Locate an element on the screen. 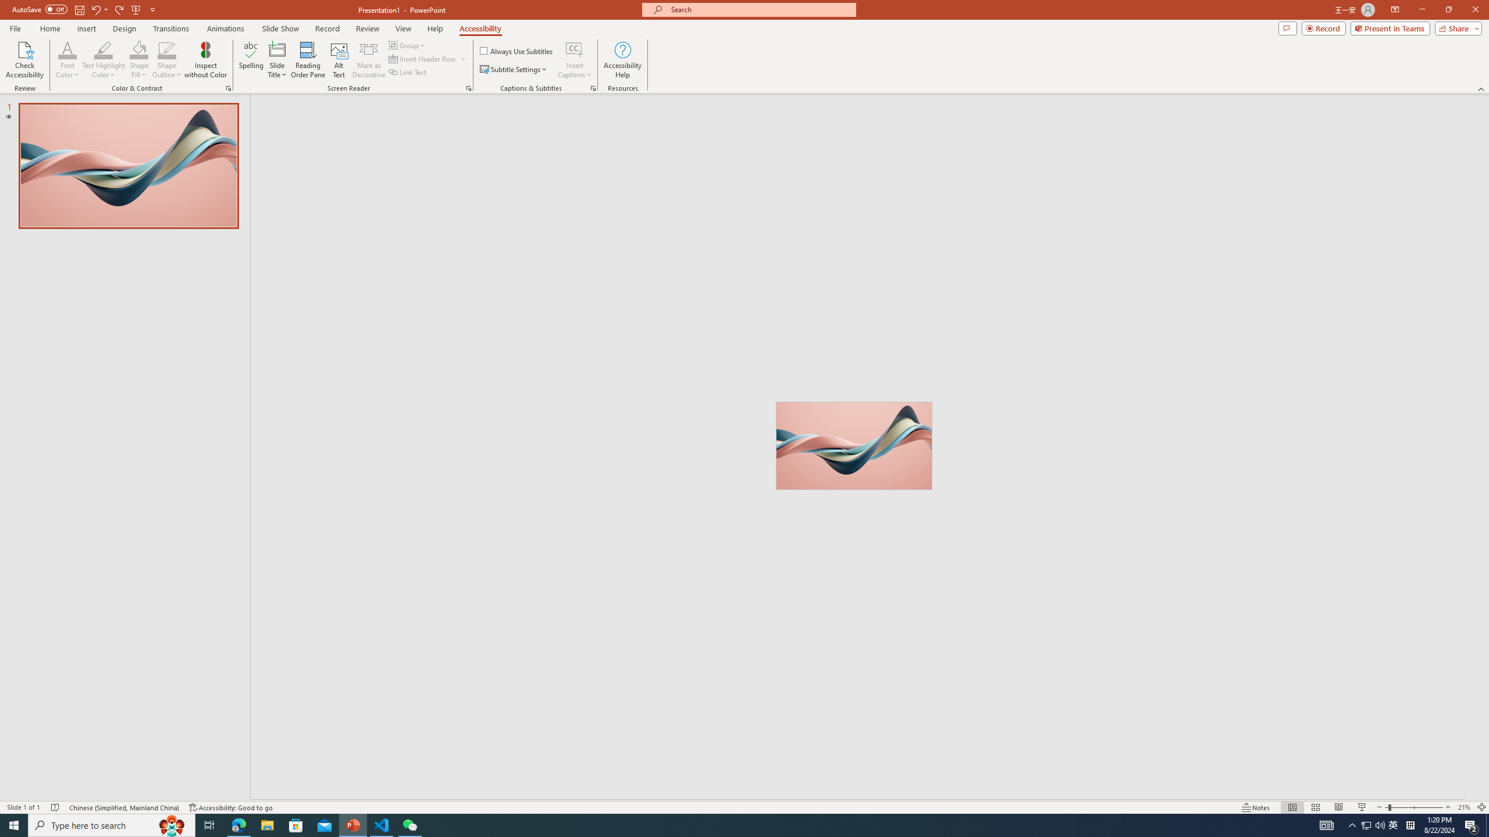  'Insert Header Row' is located at coordinates (428, 58).